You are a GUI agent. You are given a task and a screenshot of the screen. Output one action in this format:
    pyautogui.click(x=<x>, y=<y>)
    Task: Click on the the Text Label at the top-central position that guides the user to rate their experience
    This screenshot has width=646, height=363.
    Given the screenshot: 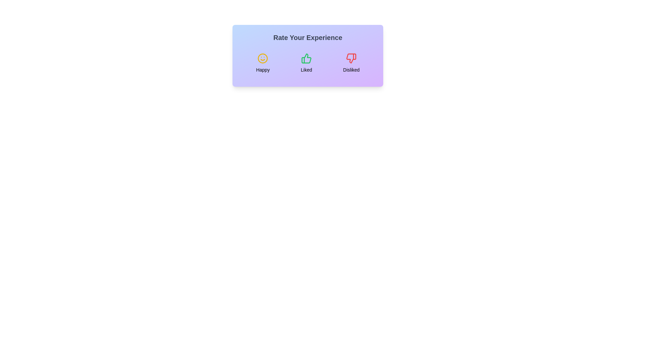 What is the action you would take?
    pyautogui.click(x=308, y=37)
    